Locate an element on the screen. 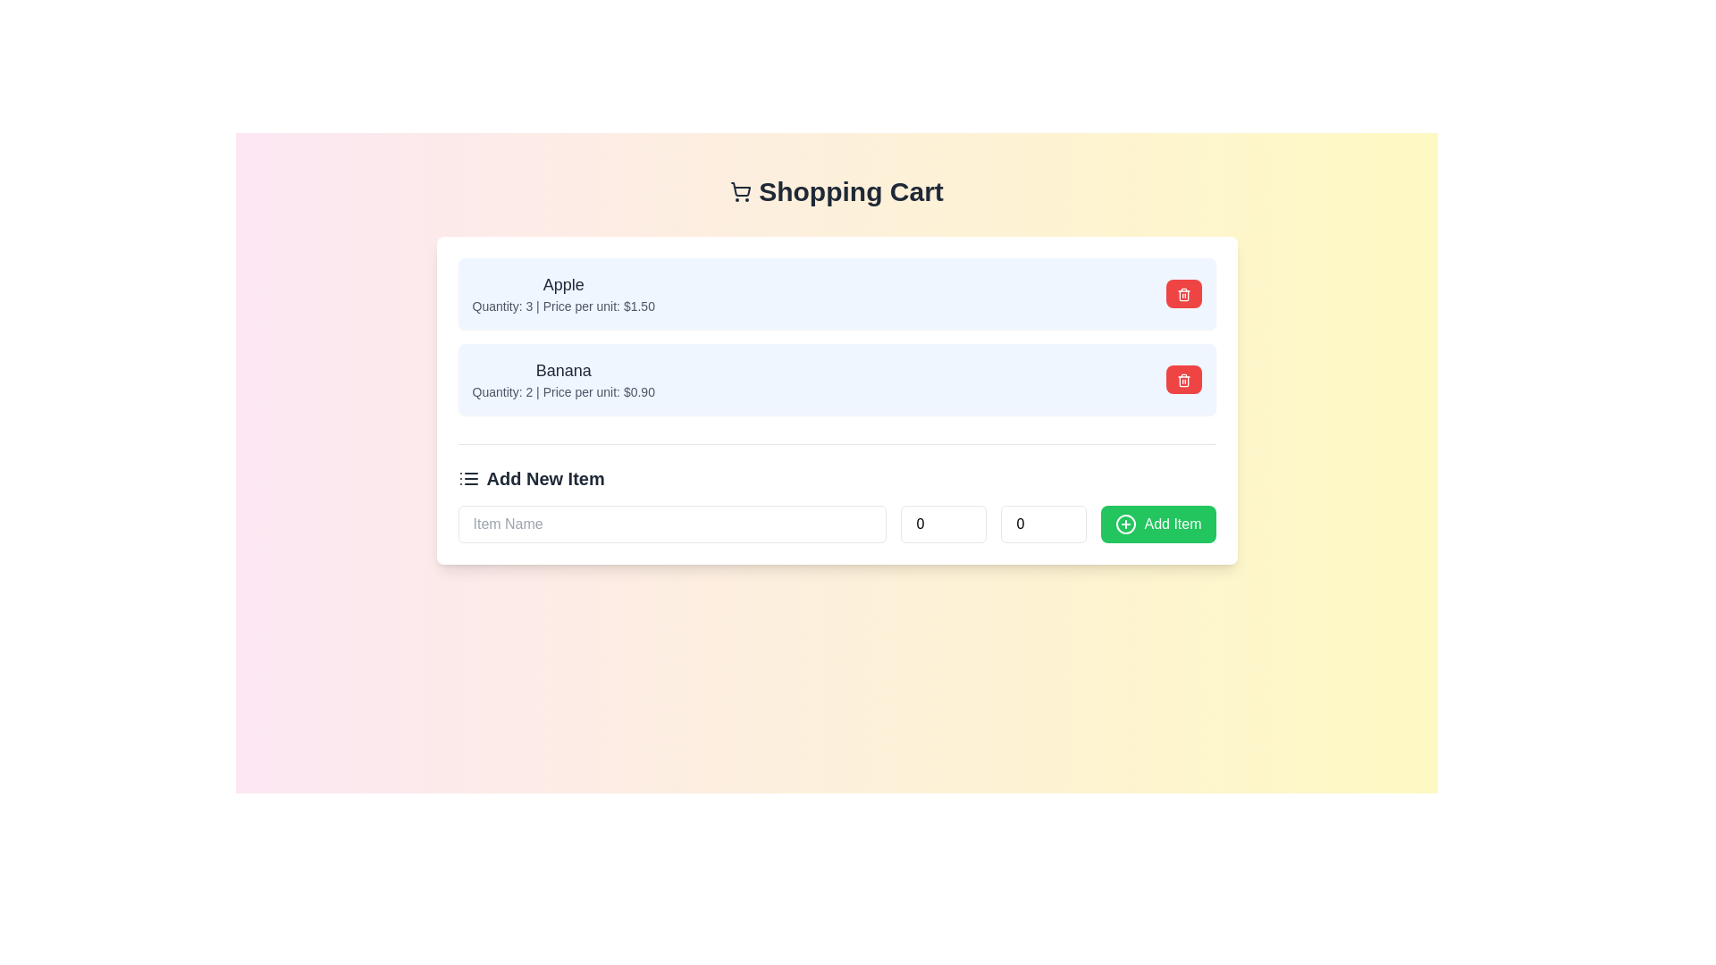  the shopping cart icon located to the left of the 'Shopping Cart' text in the upper section of the interface is located at coordinates (741, 192).